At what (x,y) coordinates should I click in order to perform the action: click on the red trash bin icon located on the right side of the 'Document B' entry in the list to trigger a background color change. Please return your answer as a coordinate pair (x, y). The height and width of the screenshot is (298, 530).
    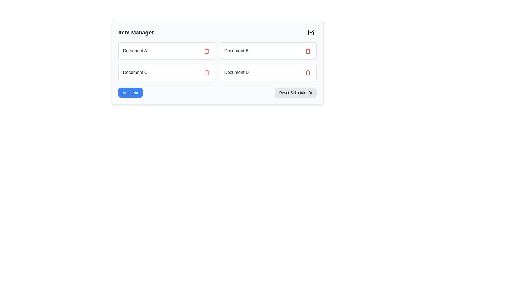
    Looking at the image, I should click on (308, 51).